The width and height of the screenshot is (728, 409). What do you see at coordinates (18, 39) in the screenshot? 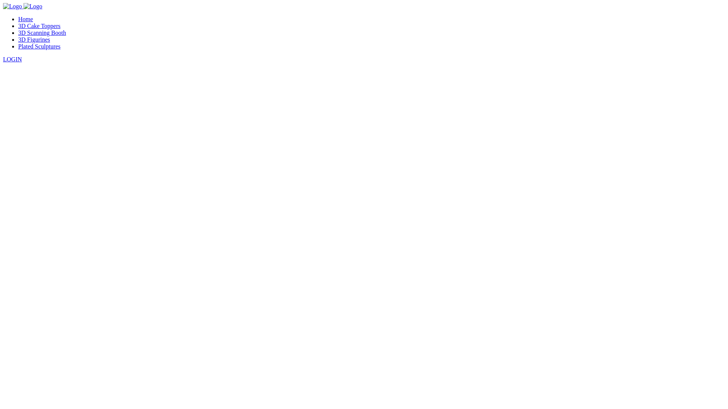
I see `'3D Figurines'` at bounding box center [18, 39].